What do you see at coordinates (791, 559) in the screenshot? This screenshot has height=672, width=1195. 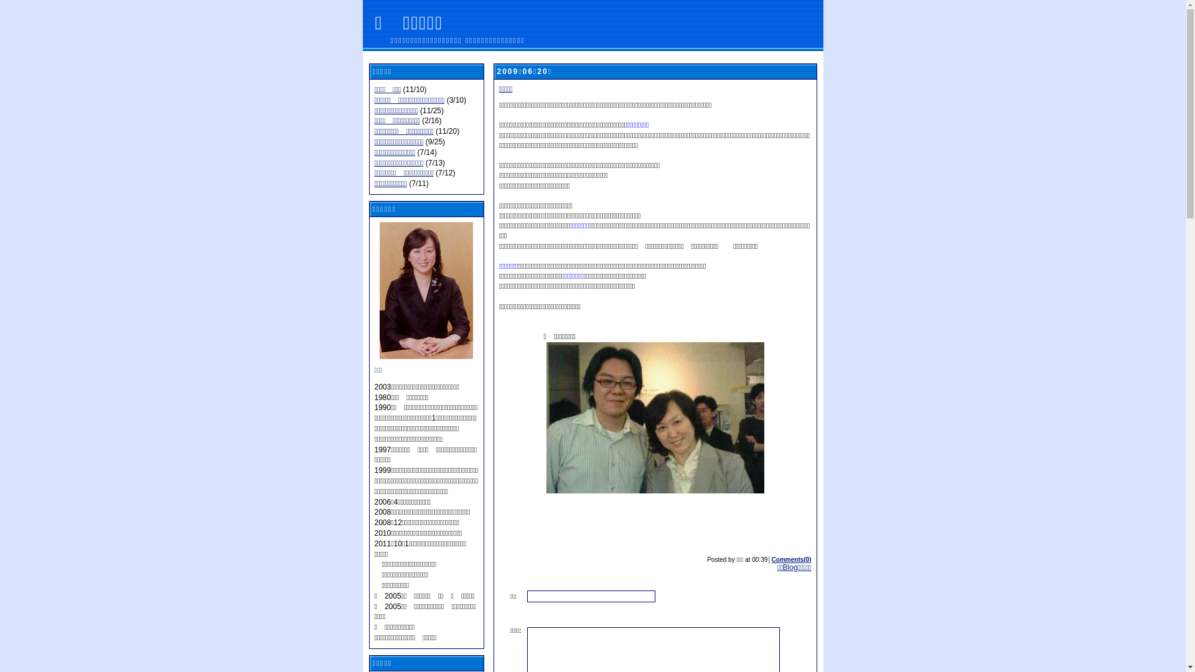 I see `'Comments(0)'` at bounding box center [791, 559].